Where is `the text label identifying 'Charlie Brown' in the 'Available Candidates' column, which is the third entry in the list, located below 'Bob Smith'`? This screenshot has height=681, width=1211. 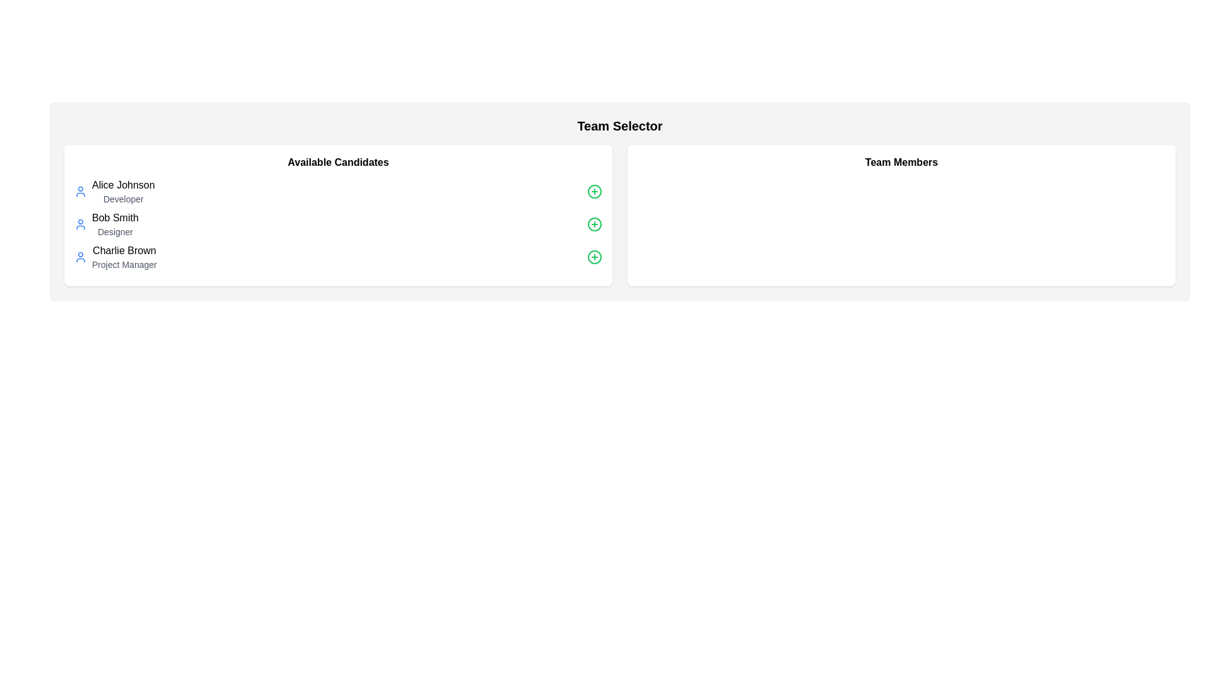 the text label identifying 'Charlie Brown' in the 'Available Candidates' column, which is the third entry in the list, located below 'Bob Smith' is located at coordinates (124, 250).